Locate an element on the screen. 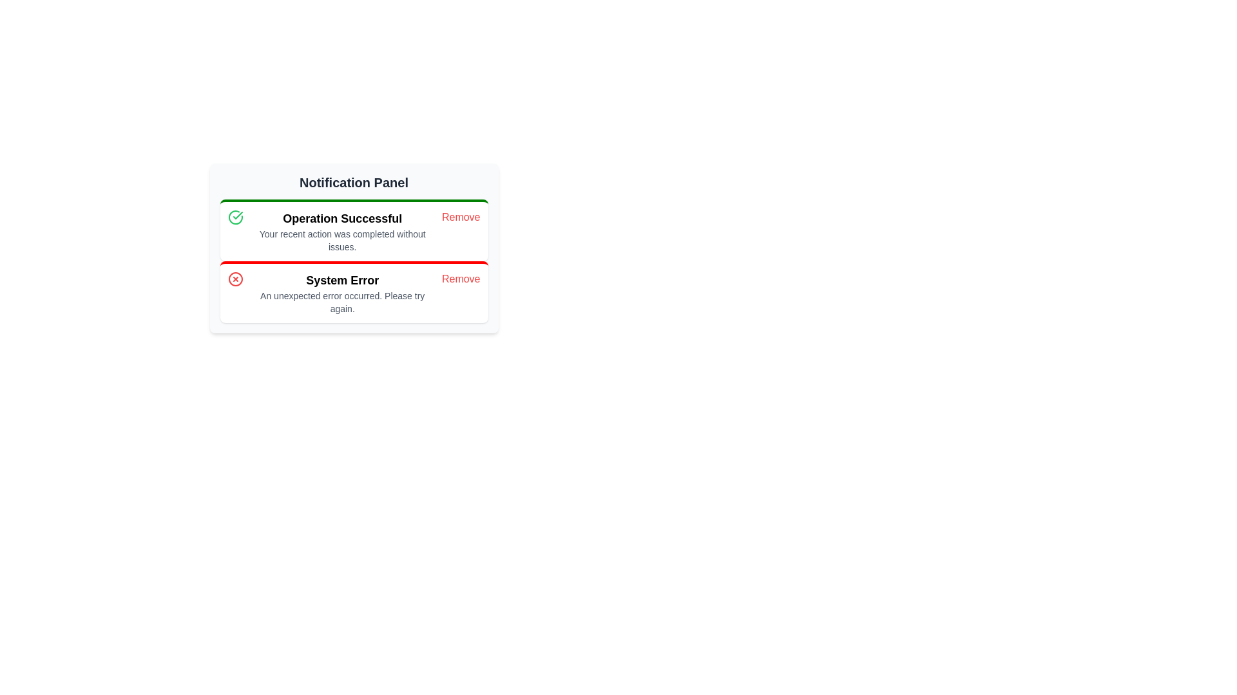 The image size is (1237, 695). the circular icon with a red border and white background that features a bold red cross, located in the 'System Error' notification box in the 'Notification Panel' is located at coordinates (235, 279).